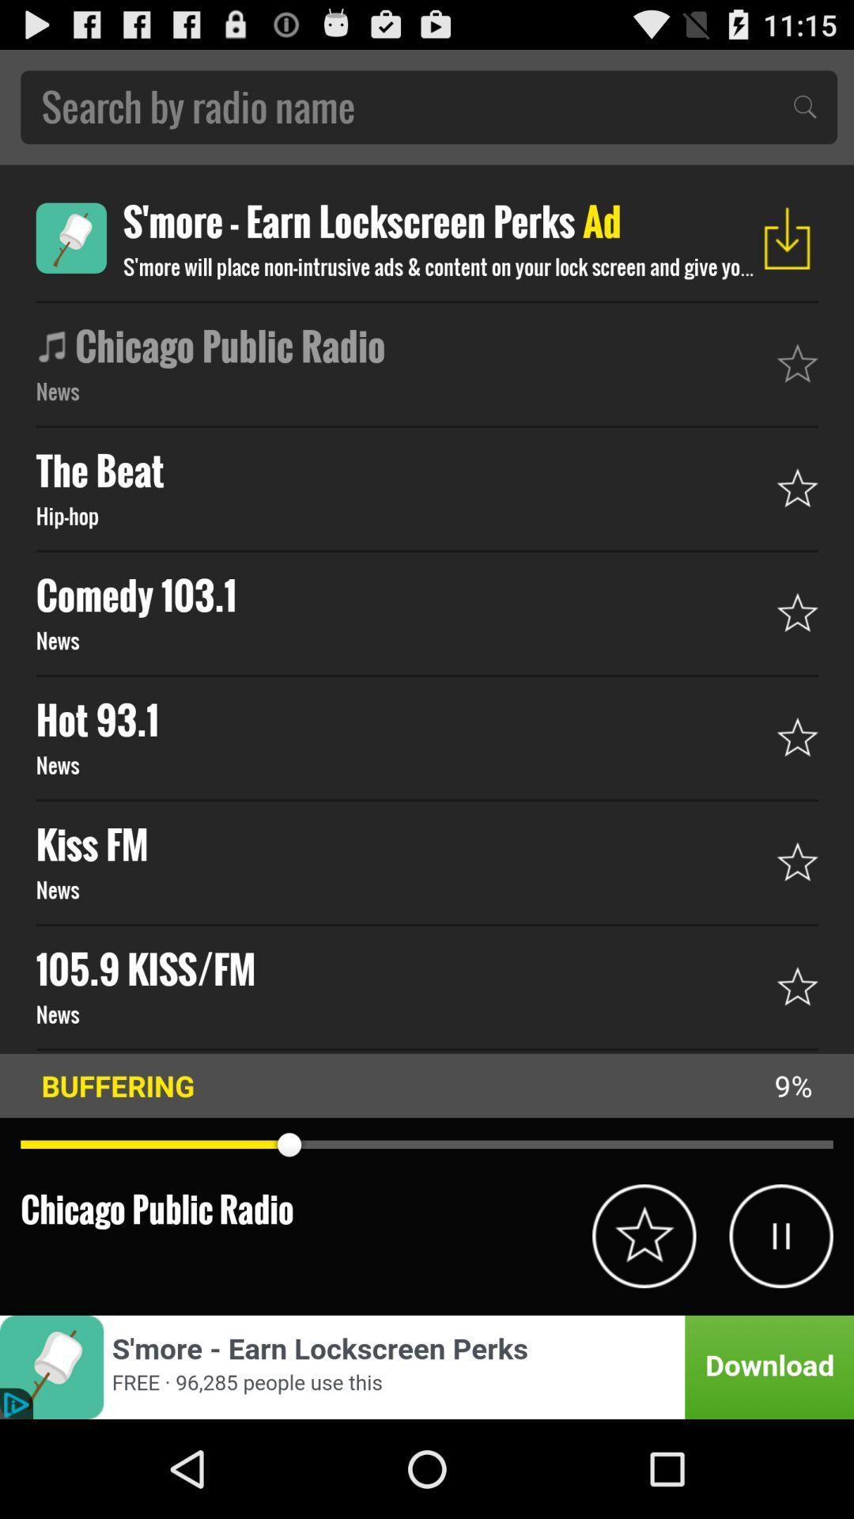 Image resolution: width=854 pixels, height=1519 pixels. I want to click on the star icon, so click(644, 1323).